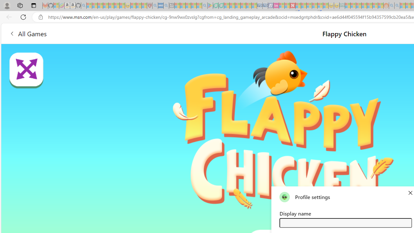 The image size is (414, 233). What do you see at coordinates (265, 6) in the screenshot?
I see `'Cheap Hotels - Save70.com - Sleeping'` at bounding box center [265, 6].